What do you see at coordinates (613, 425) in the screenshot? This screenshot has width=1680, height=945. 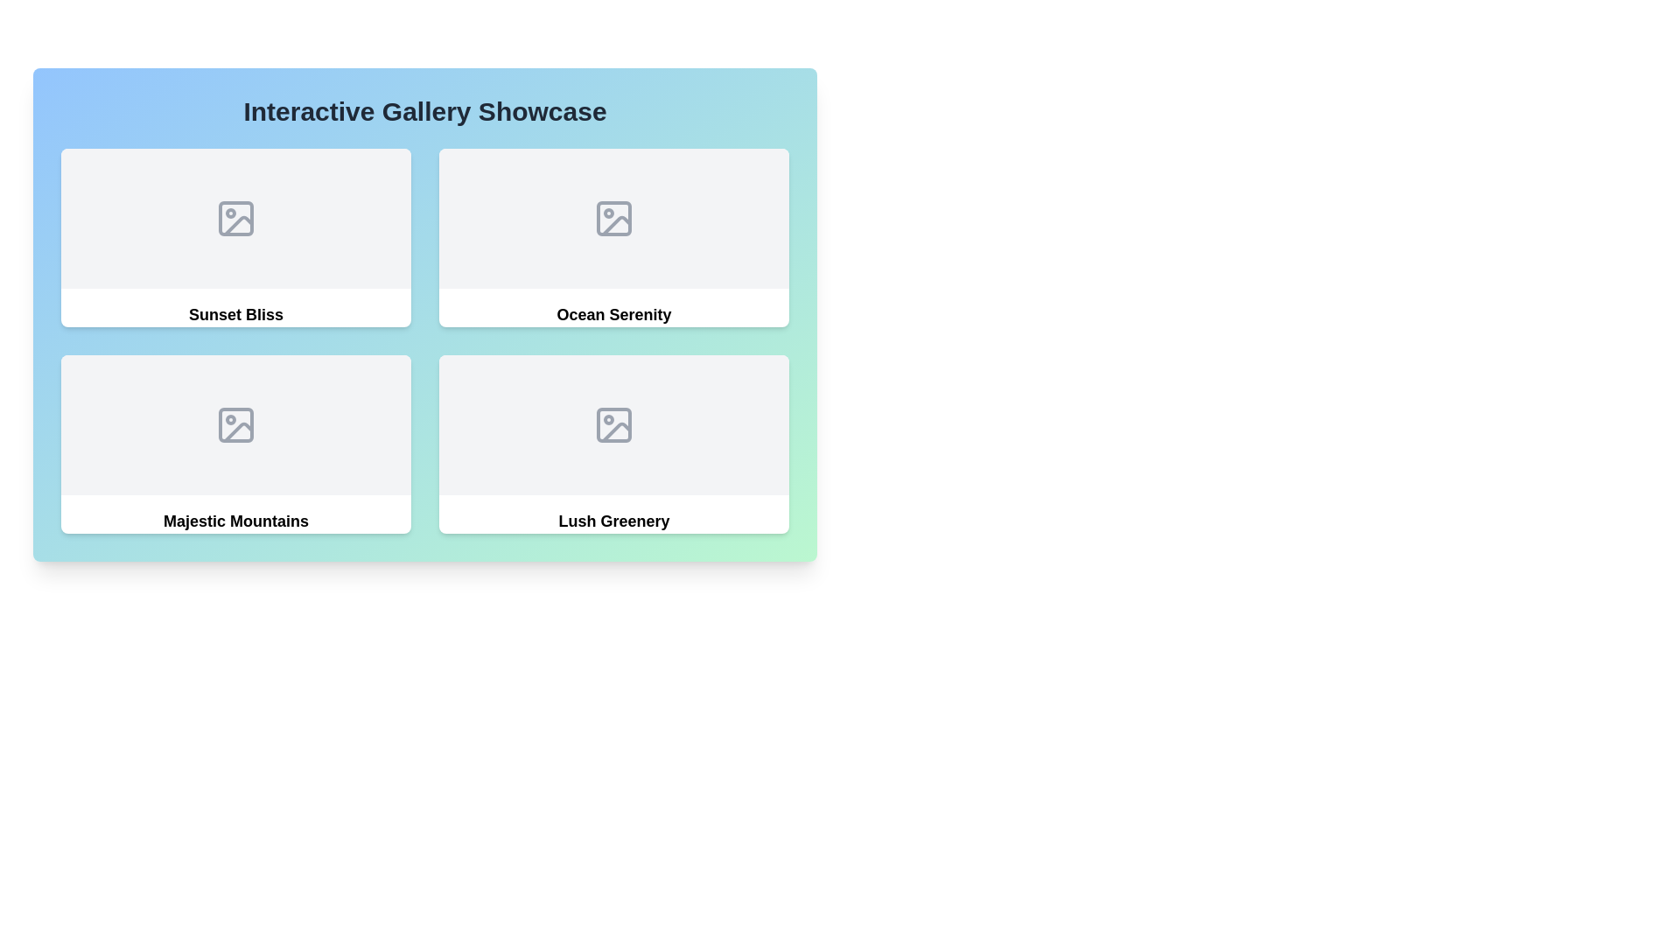 I see `Icon placeholder area located in the second row, second column of the grid layout in the 'Interactive Gallery Showcase', part of the 'Lush Greenery' card` at bounding box center [613, 425].